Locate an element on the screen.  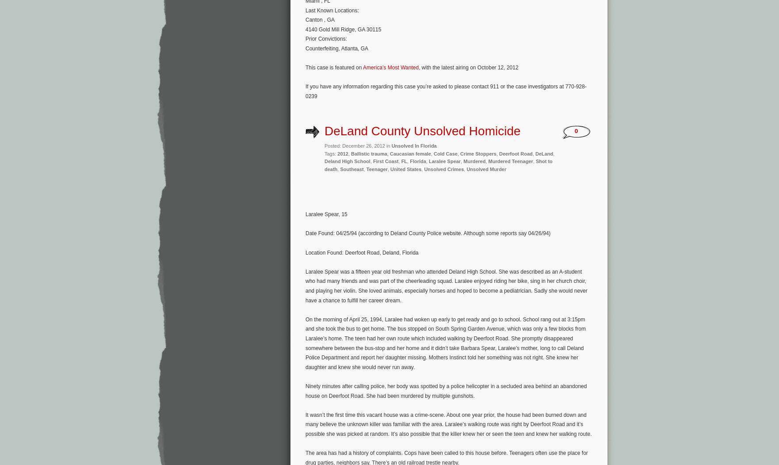
'Laralee Spear, 15' is located at coordinates (325, 213).